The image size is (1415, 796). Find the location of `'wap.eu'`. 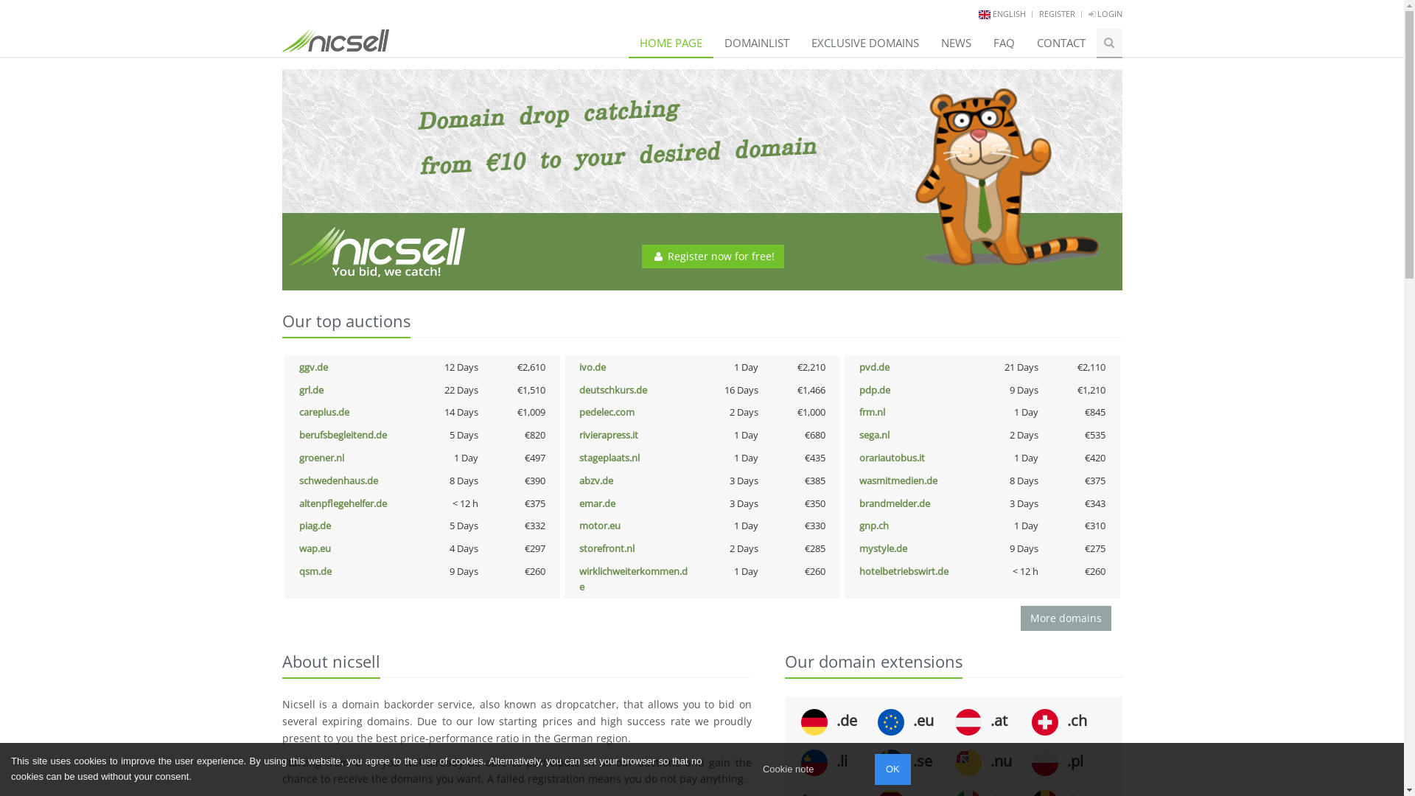

'wap.eu' is located at coordinates (314, 548).